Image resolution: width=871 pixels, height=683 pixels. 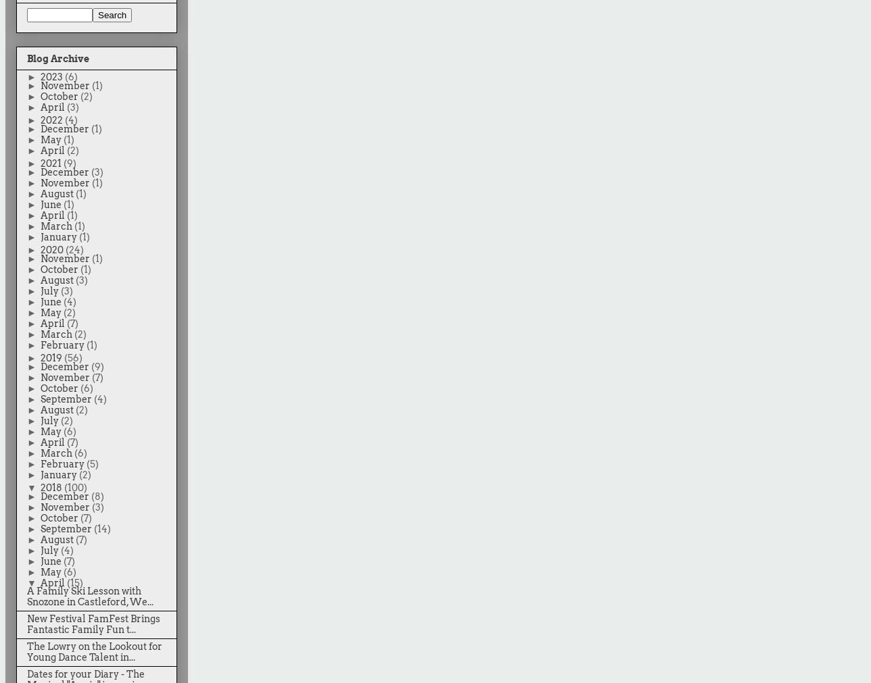 I want to click on '(56)', so click(x=72, y=357).